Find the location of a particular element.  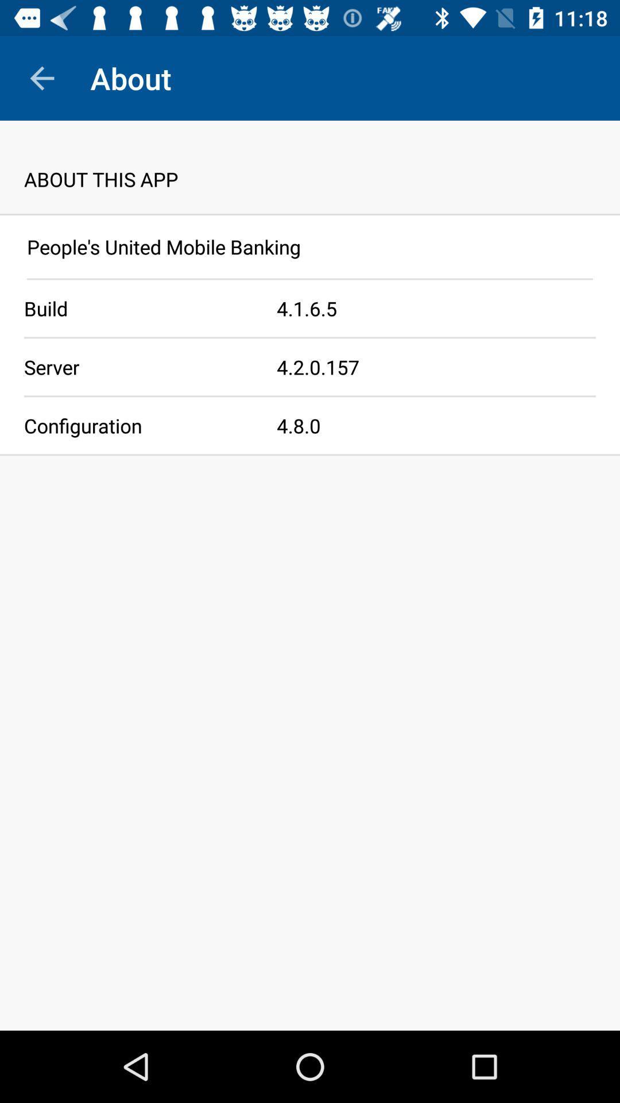

item on the left is located at coordinates (138, 425).